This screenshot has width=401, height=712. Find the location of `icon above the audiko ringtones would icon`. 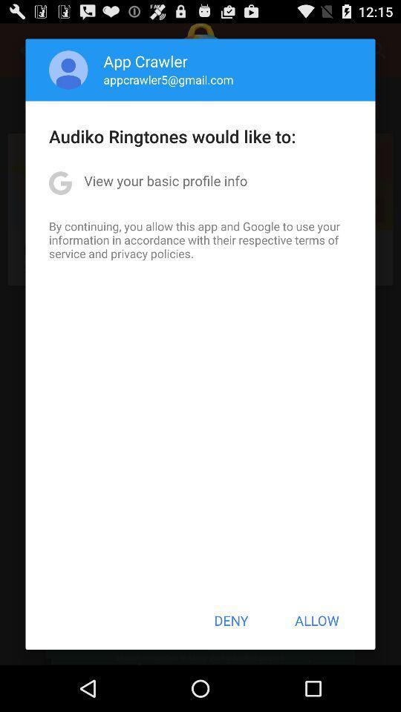

icon above the audiko ringtones would icon is located at coordinates (168, 79).